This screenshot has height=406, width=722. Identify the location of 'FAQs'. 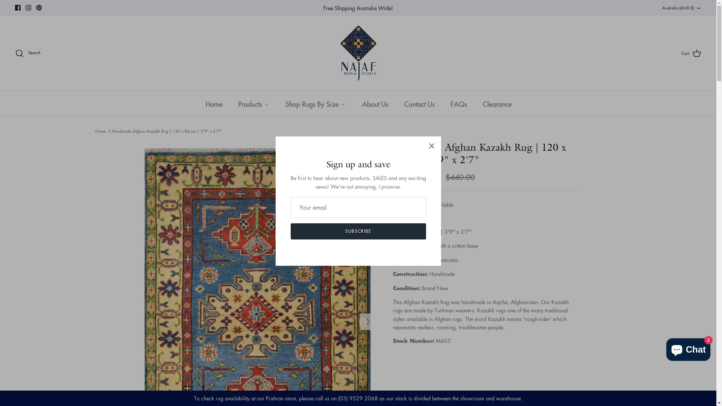
(458, 103).